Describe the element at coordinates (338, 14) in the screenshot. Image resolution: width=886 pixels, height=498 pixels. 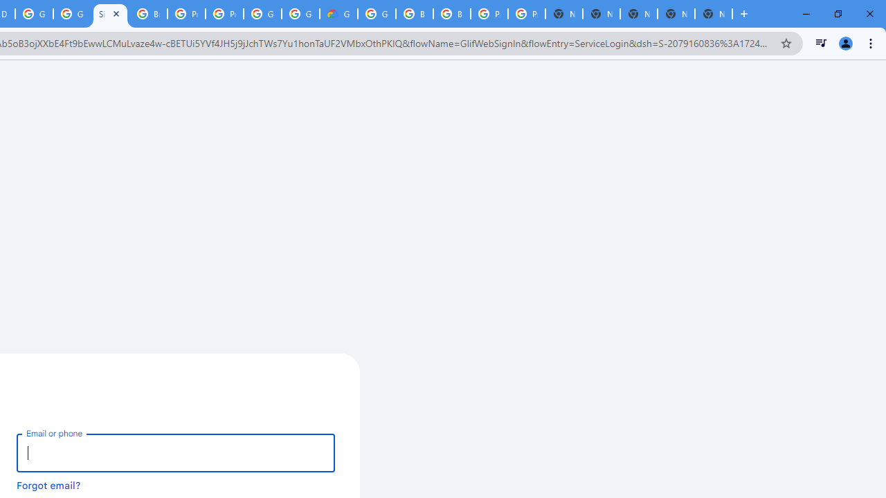
I see `'Google Cloud Estimate Summary'` at that location.